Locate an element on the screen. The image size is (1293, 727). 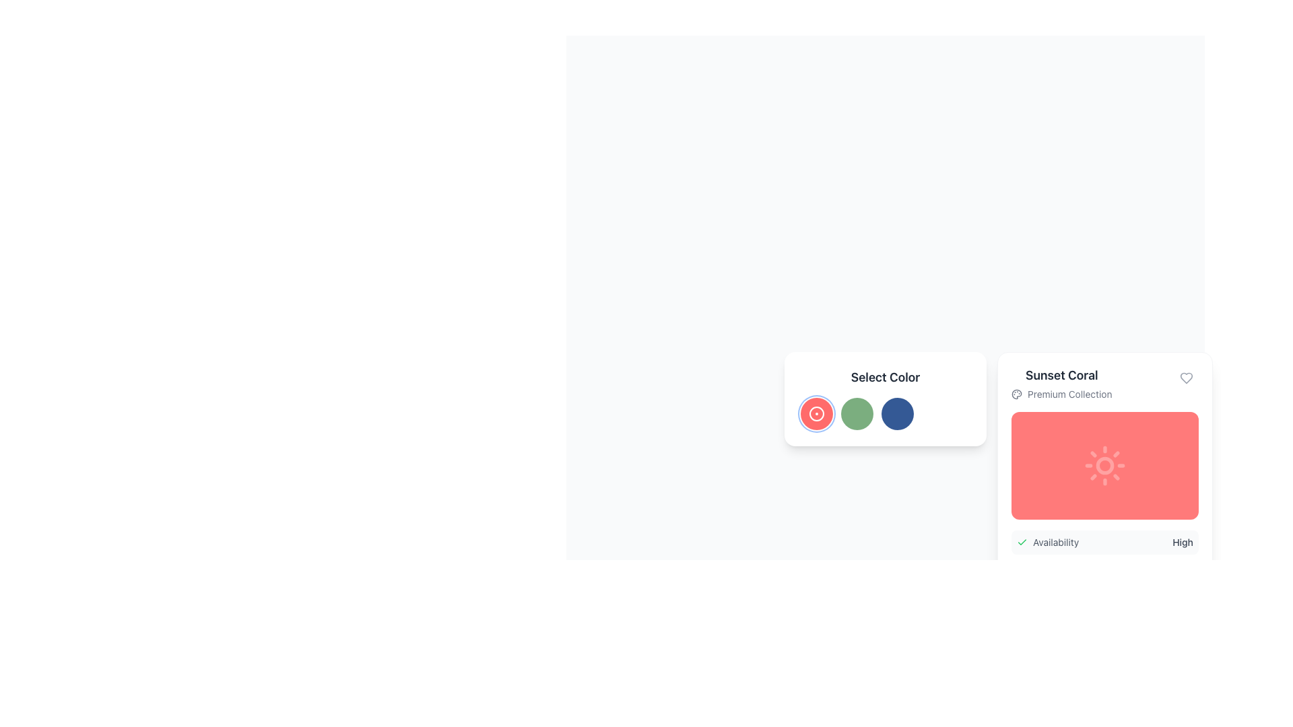
the heart-shaped icon button in the upper-right corner of the 'Sunset Coral' card to mark the item as liked or favorited is located at coordinates (1186, 378).